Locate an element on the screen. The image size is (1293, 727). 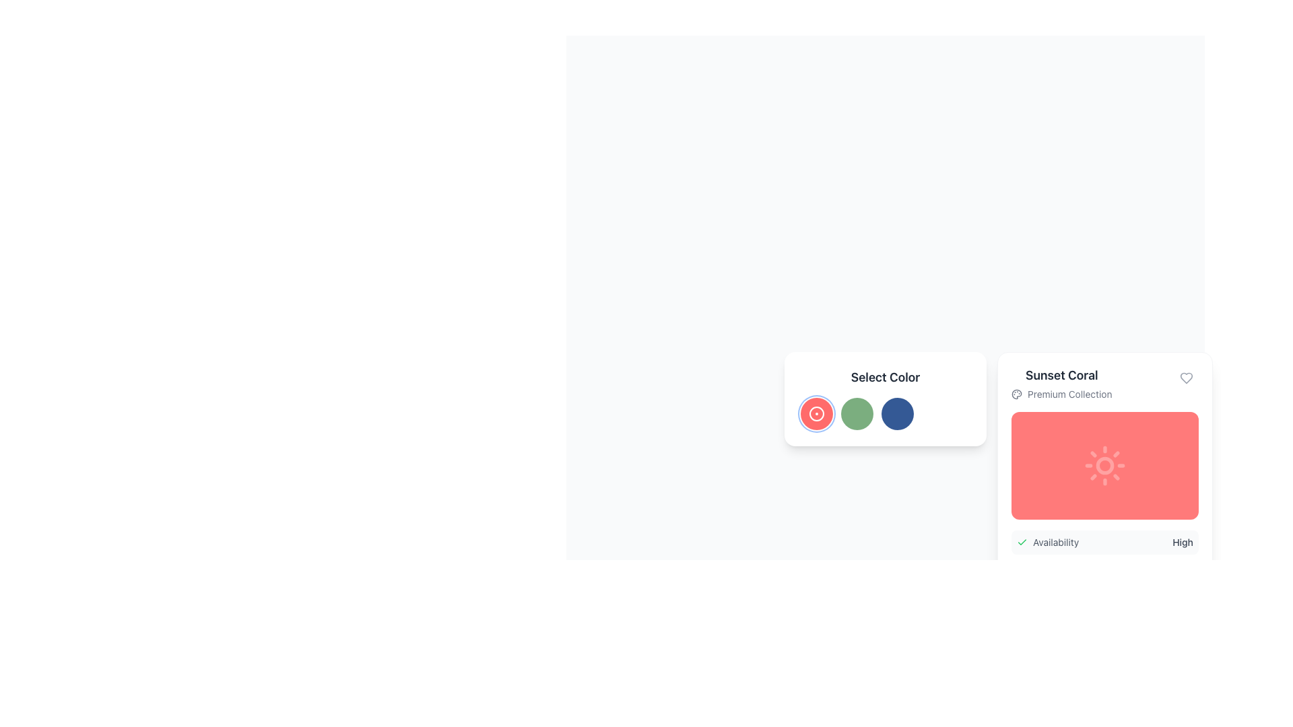
the heart-shaped icon button in the upper-right corner of the 'Sunset Coral' card to mark the item as liked or favorited is located at coordinates (1186, 378).